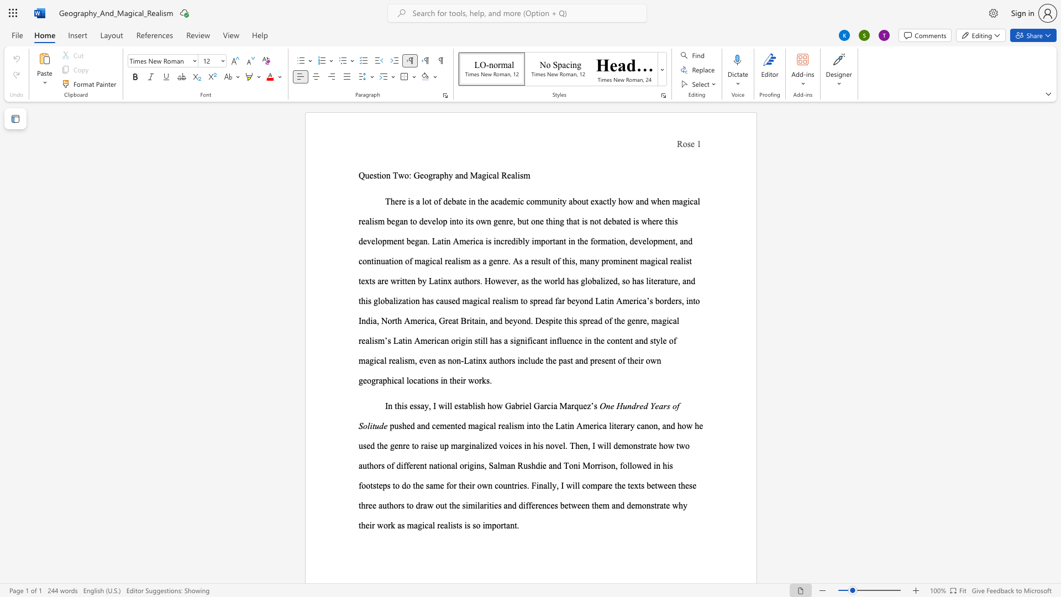 The image size is (1061, 597). I want to click on the 1th character "R" in the text, so click(503, 175).